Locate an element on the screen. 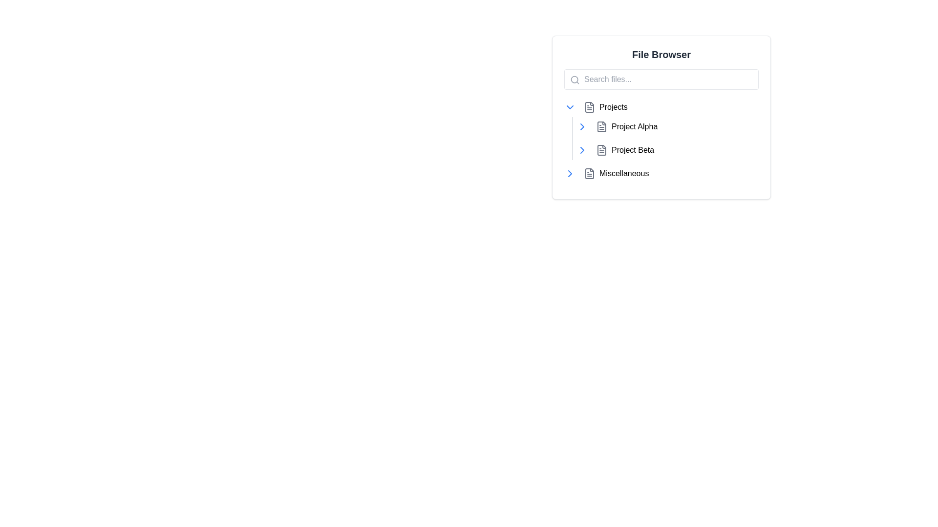 The image size is (938, 527). the Button with an icon is located at coordinates (570, 107).